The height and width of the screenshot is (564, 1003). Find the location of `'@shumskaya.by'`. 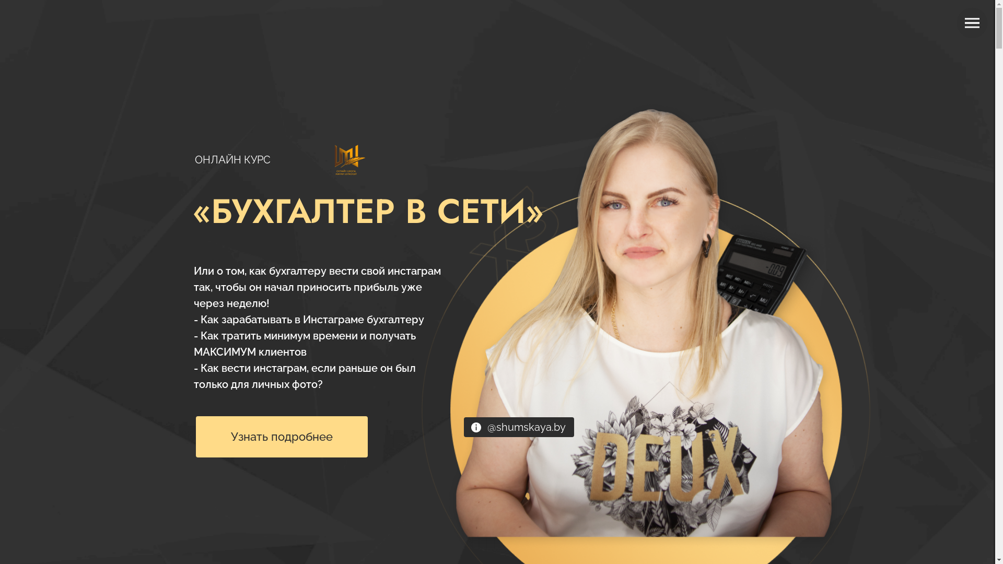

'@shumskaya.by' is located at coordinates (526, 427).